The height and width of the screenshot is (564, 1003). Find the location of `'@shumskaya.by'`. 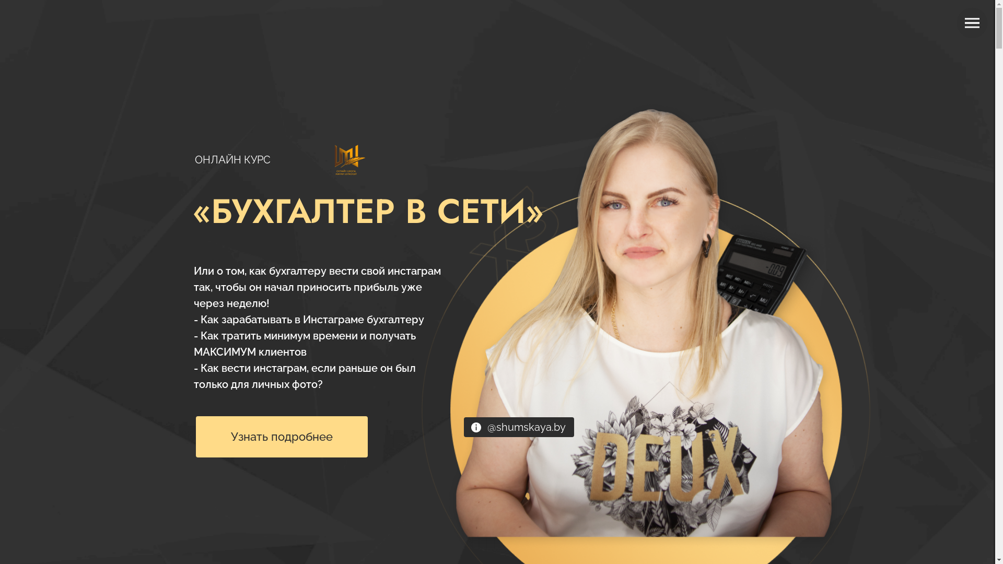

'@shumskaya.by' is located at coordinates (526, 427).